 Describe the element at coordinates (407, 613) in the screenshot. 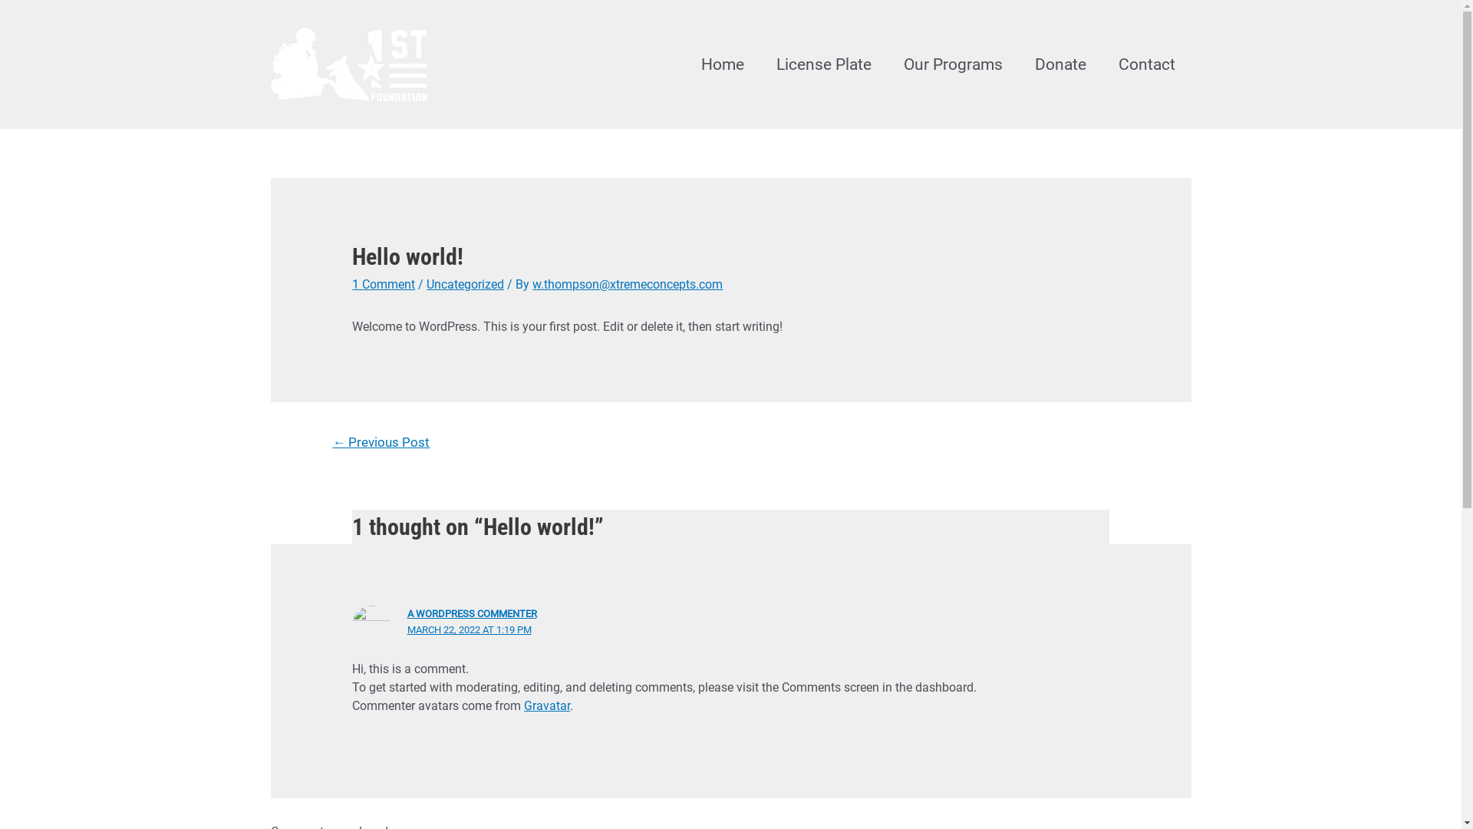

I see `'A WORDPRESS COMMENTER'` at that location.